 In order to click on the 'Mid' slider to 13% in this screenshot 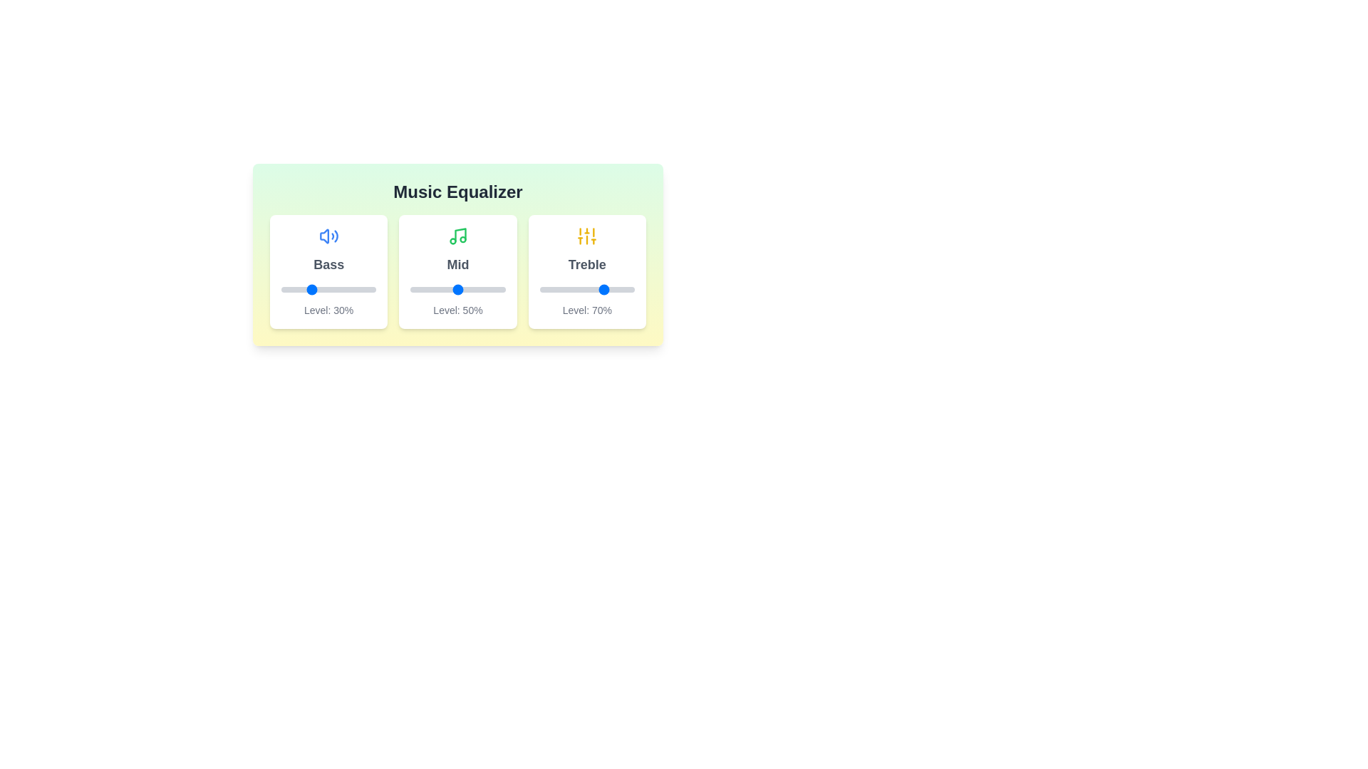, I will do `click(422, 289)`.